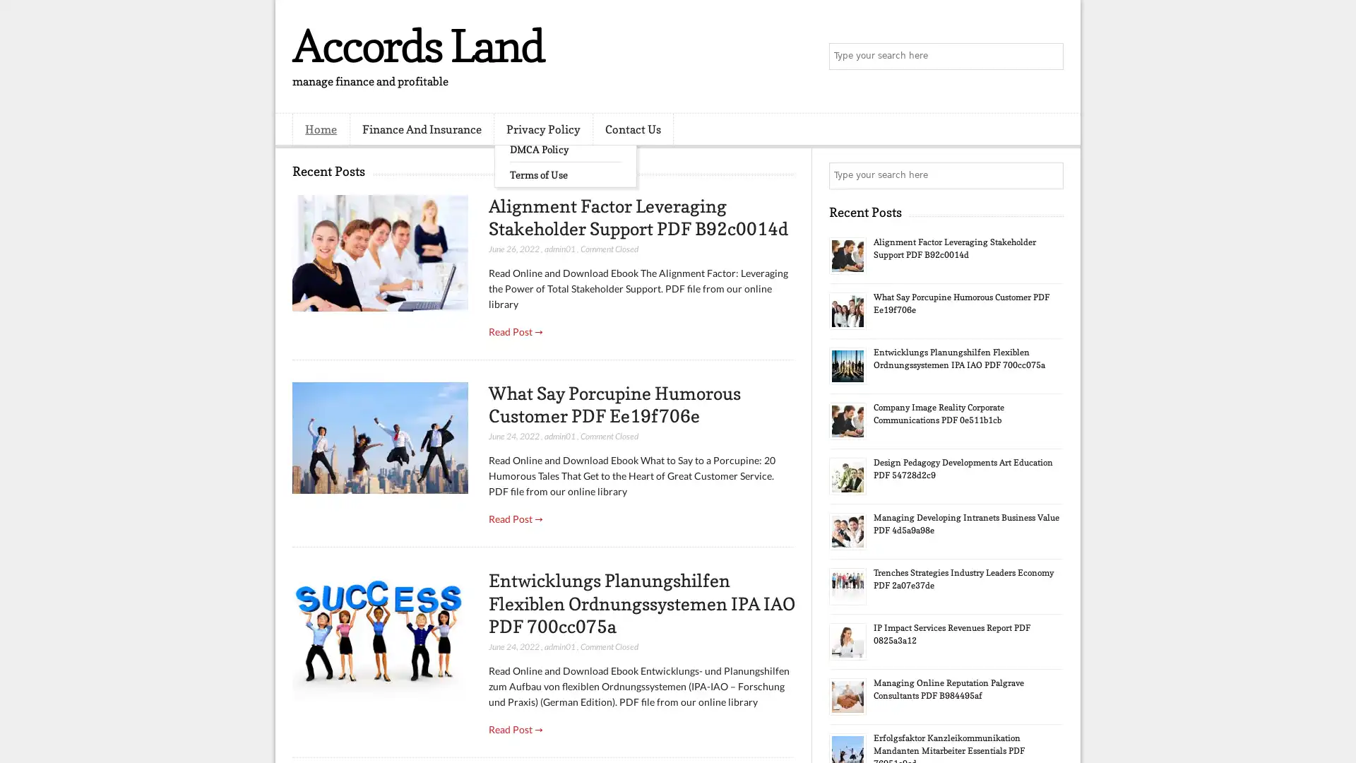  Describe the element at coordinates (1049, 175) in the screenshot. I see `Search` at that location.